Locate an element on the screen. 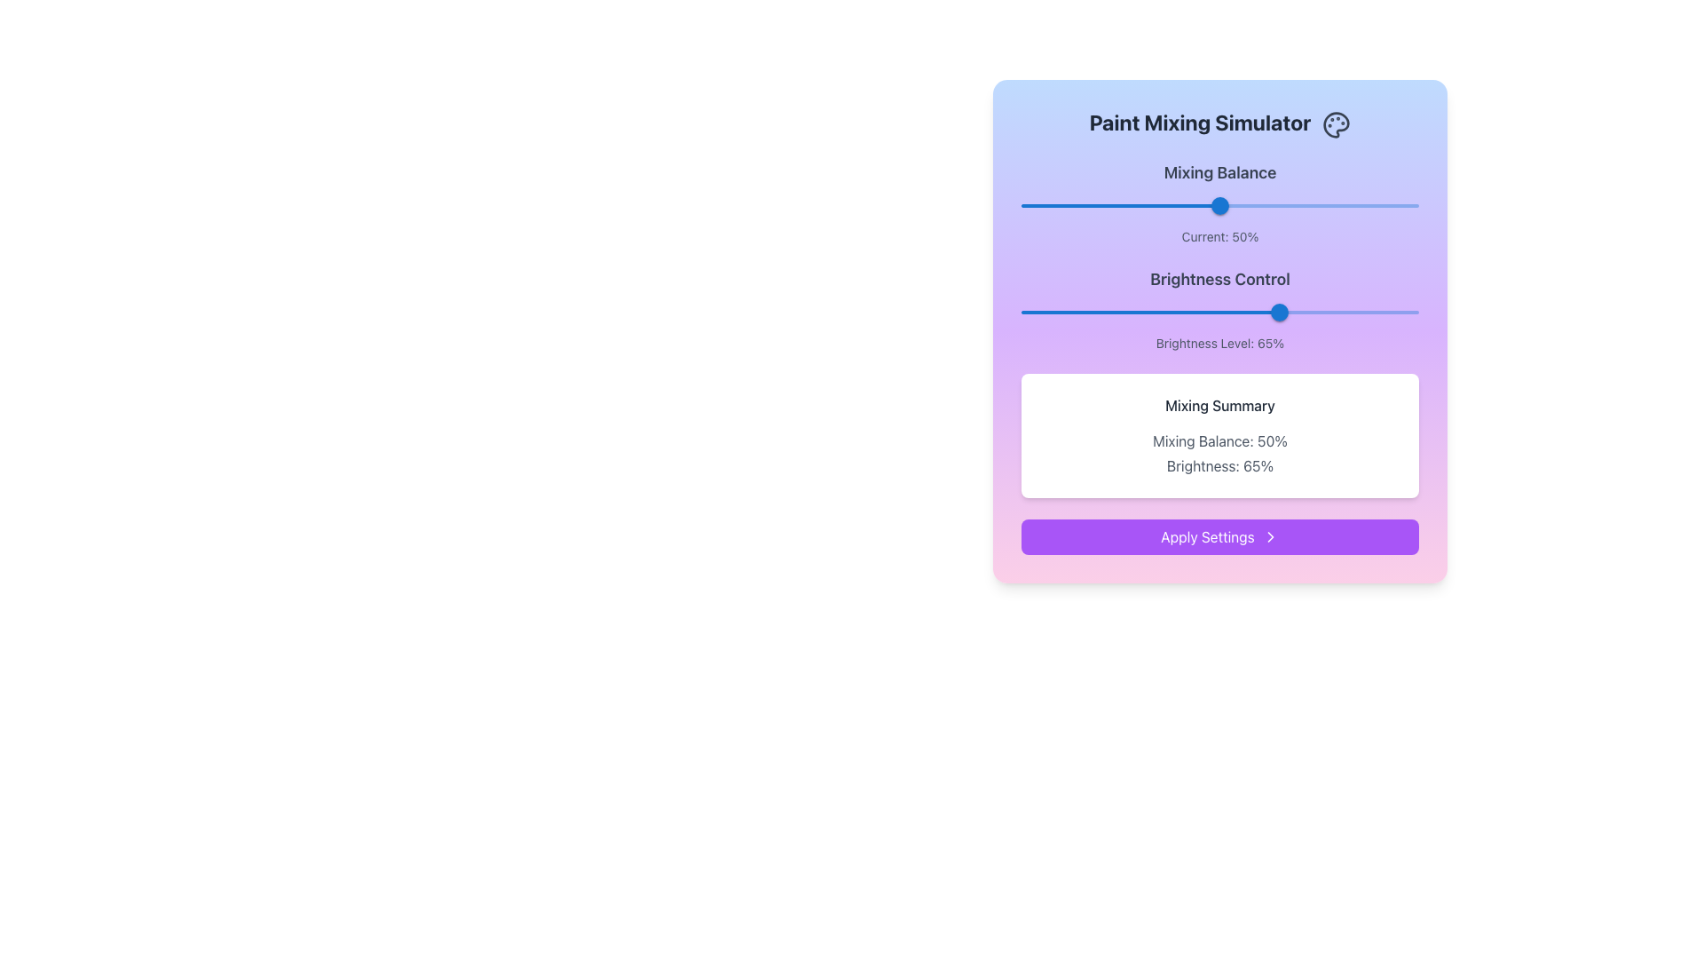 The height and width of the screenshot is (959, 1704). the circular blue slider thumb of the 'Brightness Control' slider is located at coordinates (1280, 311).